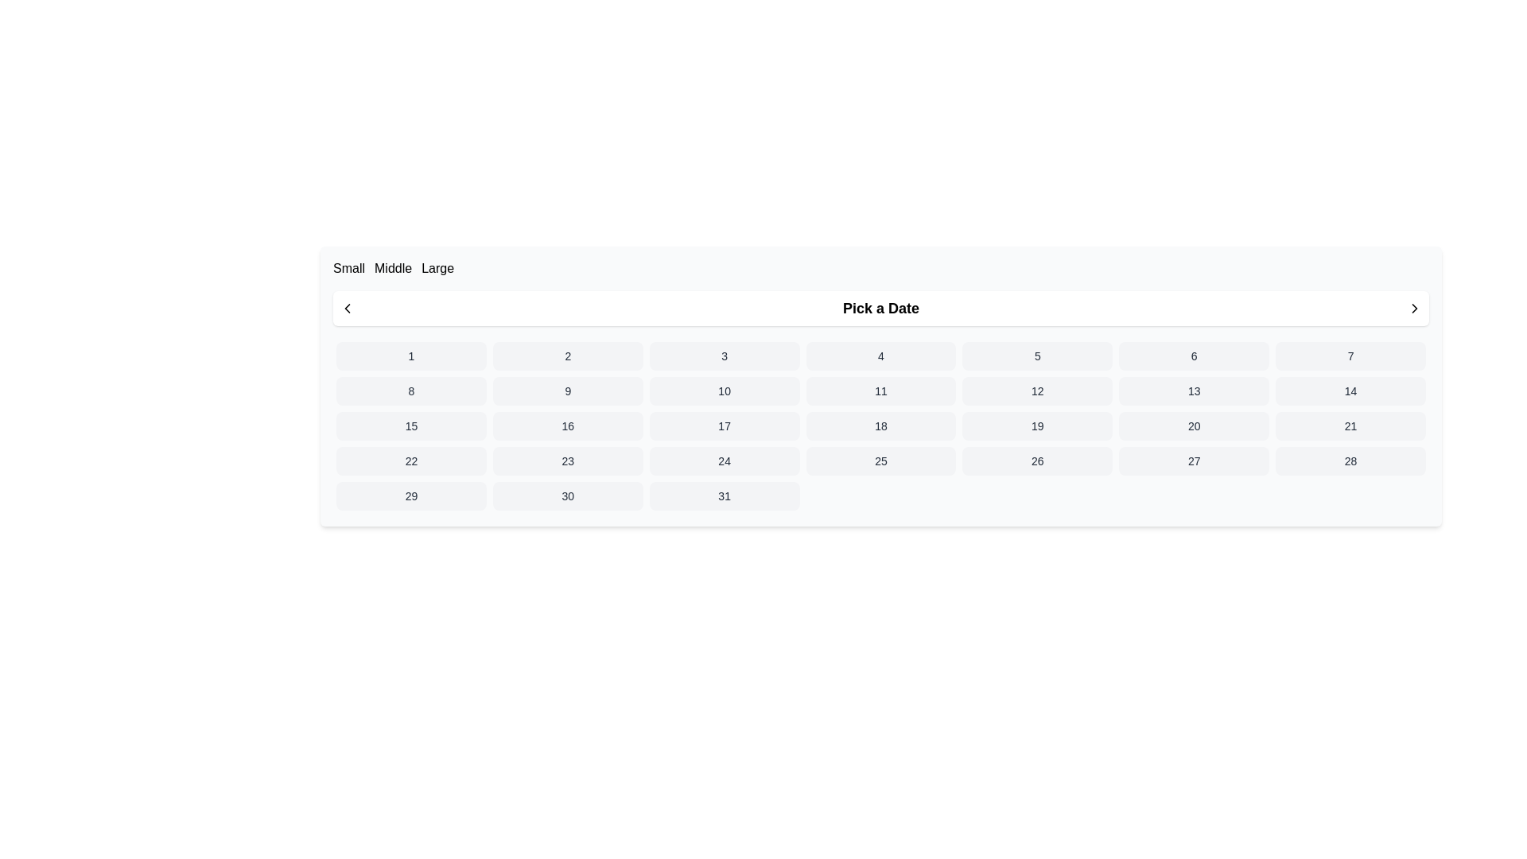 This screenshot has width=1527, height=859. What do you see at coordinates (1037, 355) in the screenshot?
I see `the interactive button that allows users to select the number '5' in the calendar grid layout` at bounding box center [1037, 355].